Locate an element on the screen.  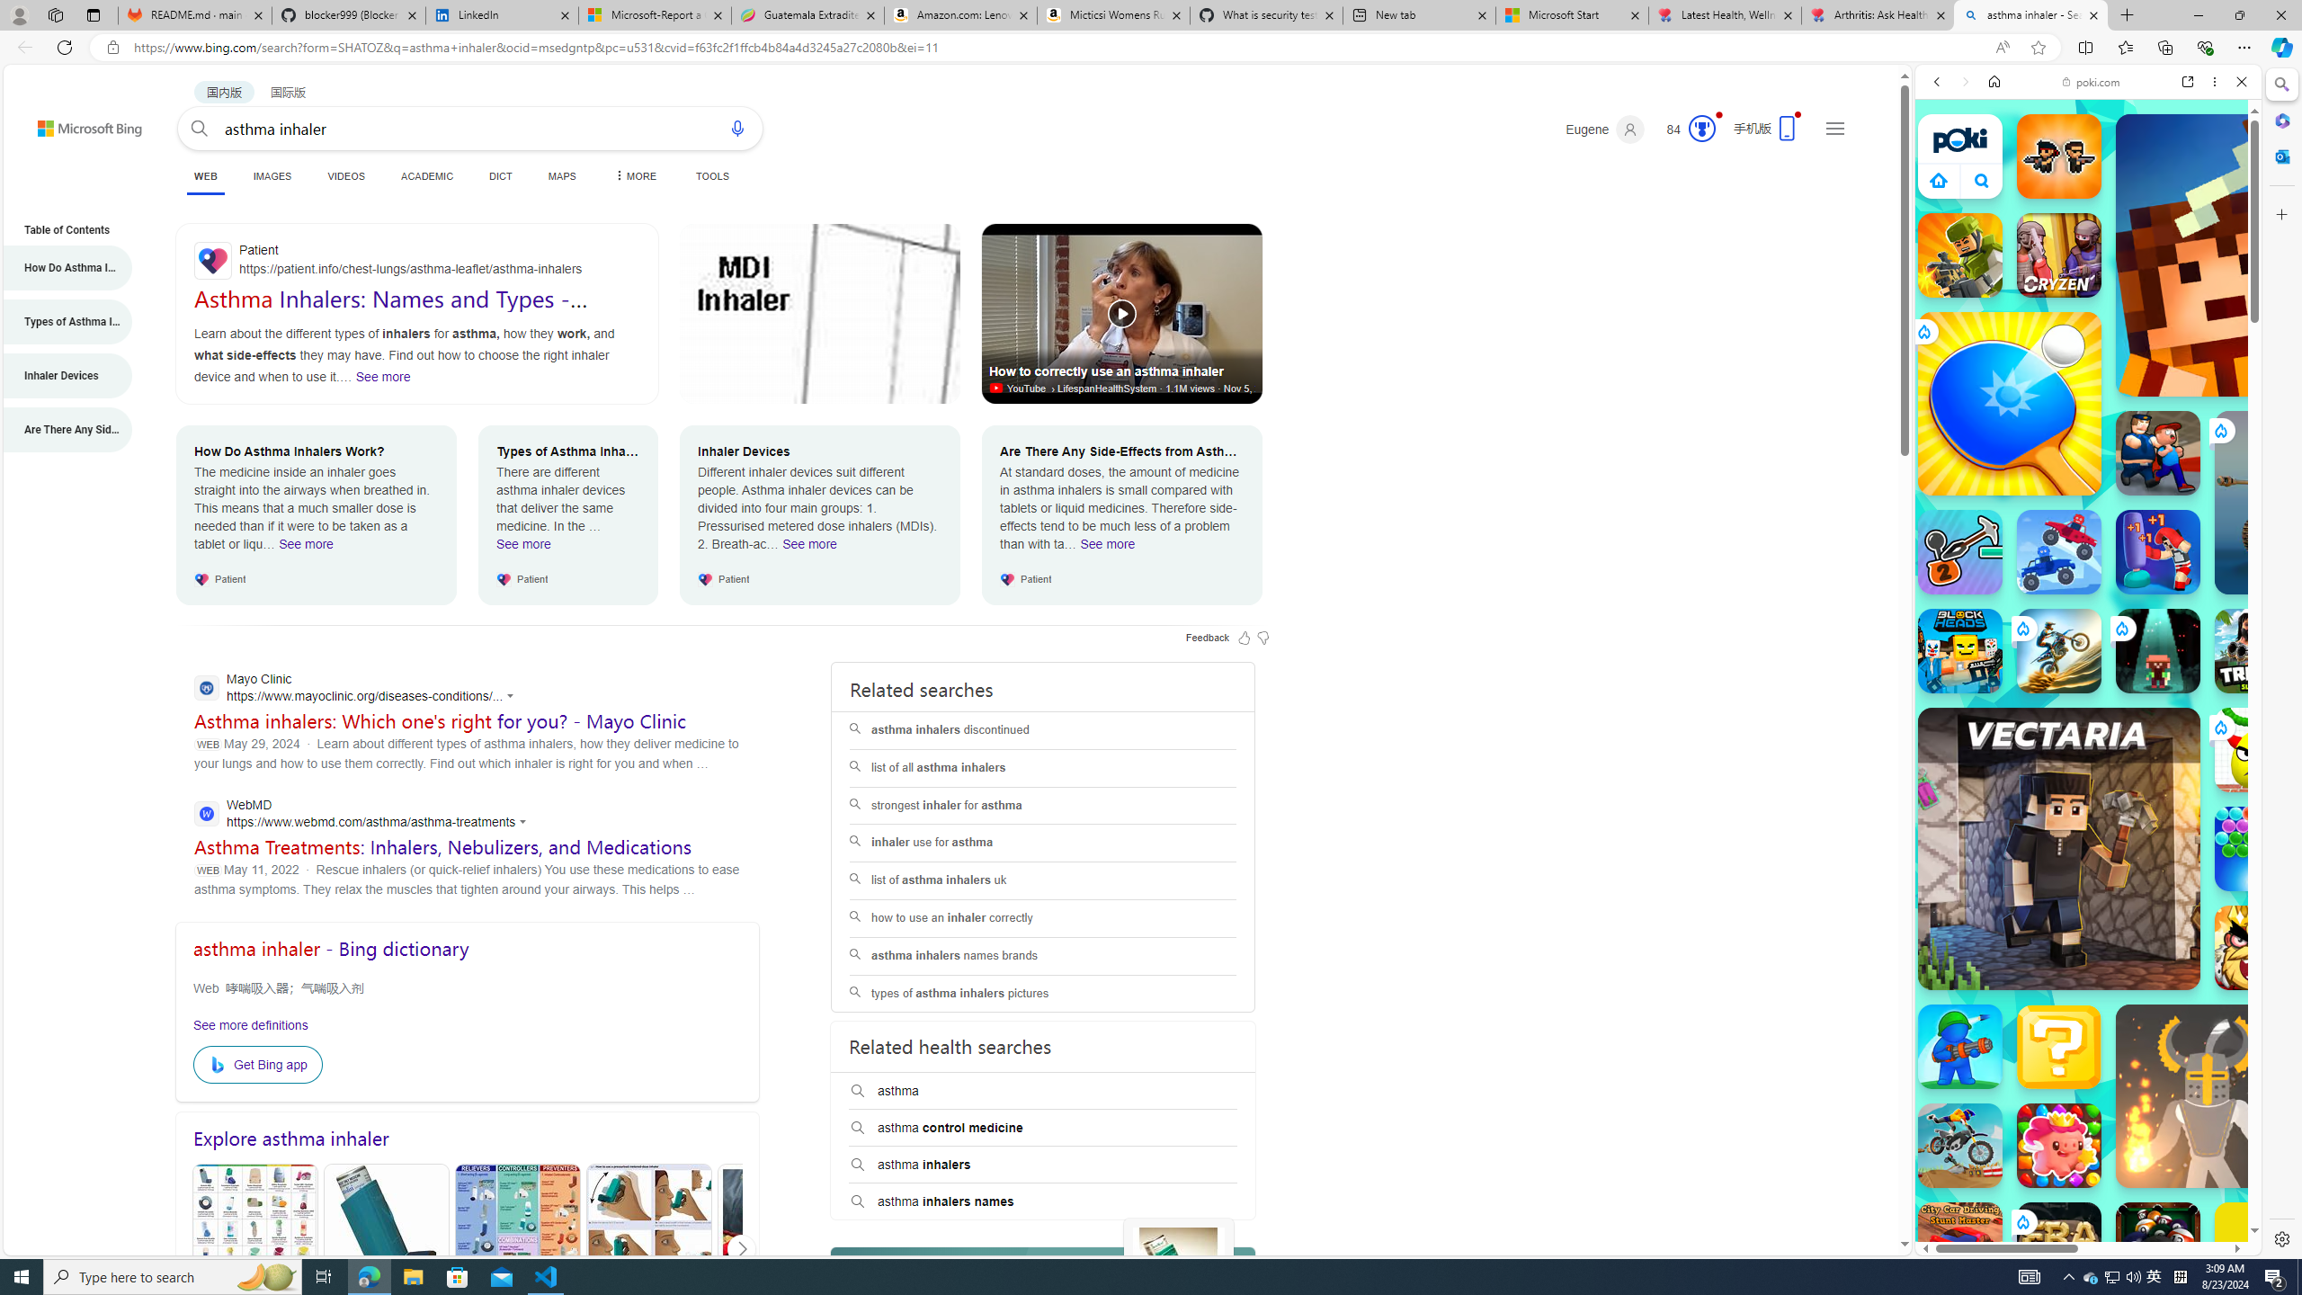
'list of asthma inhalers uk' is located at coordinates (1041, 880).